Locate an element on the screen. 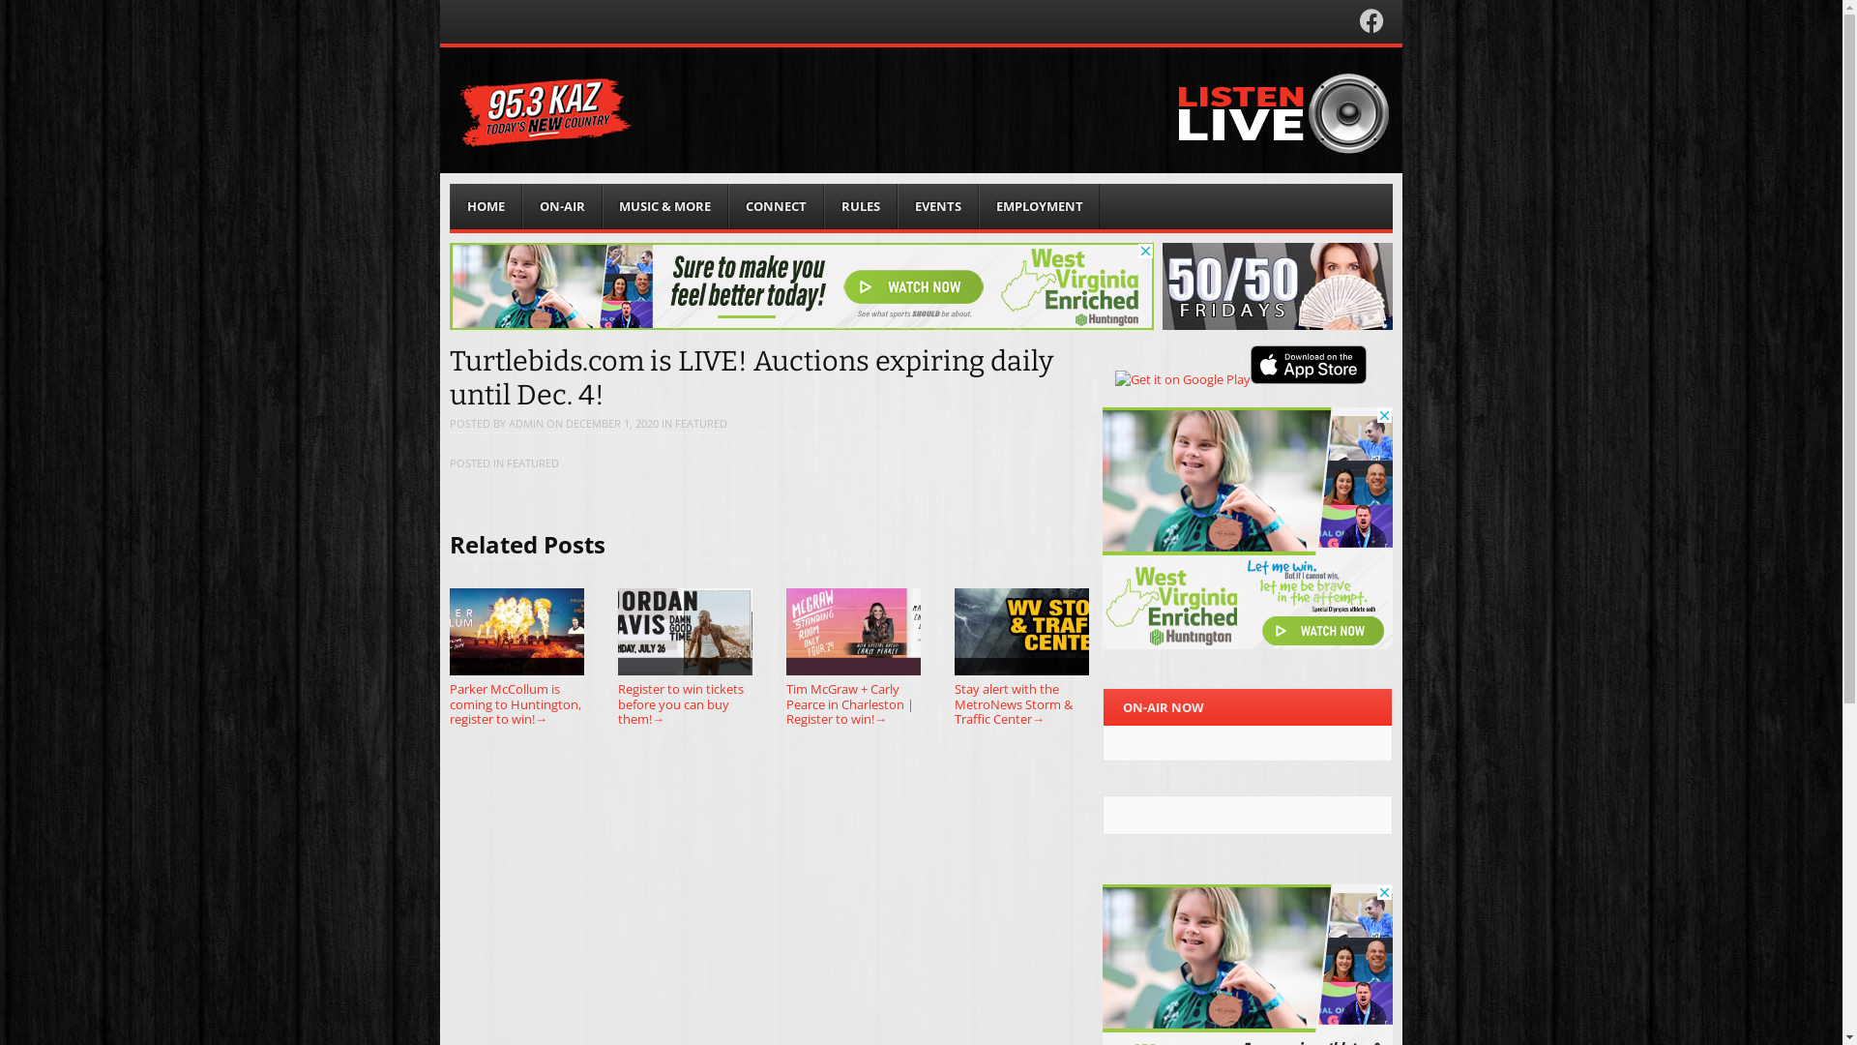 The image size is (1857, 1045). 'FEATURED' is located at coordinates (506, 463).